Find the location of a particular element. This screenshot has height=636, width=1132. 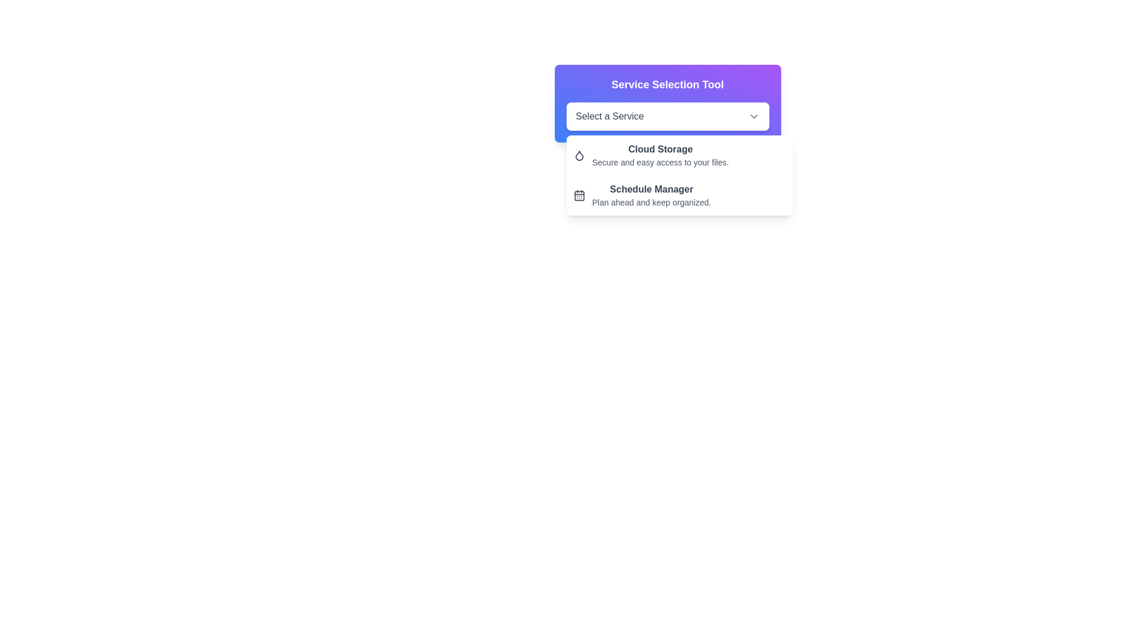

the 'Select a Service' text label which is displayed in bold dark gray font within a white rounded rectangular box is located at coordinates (610, 116).